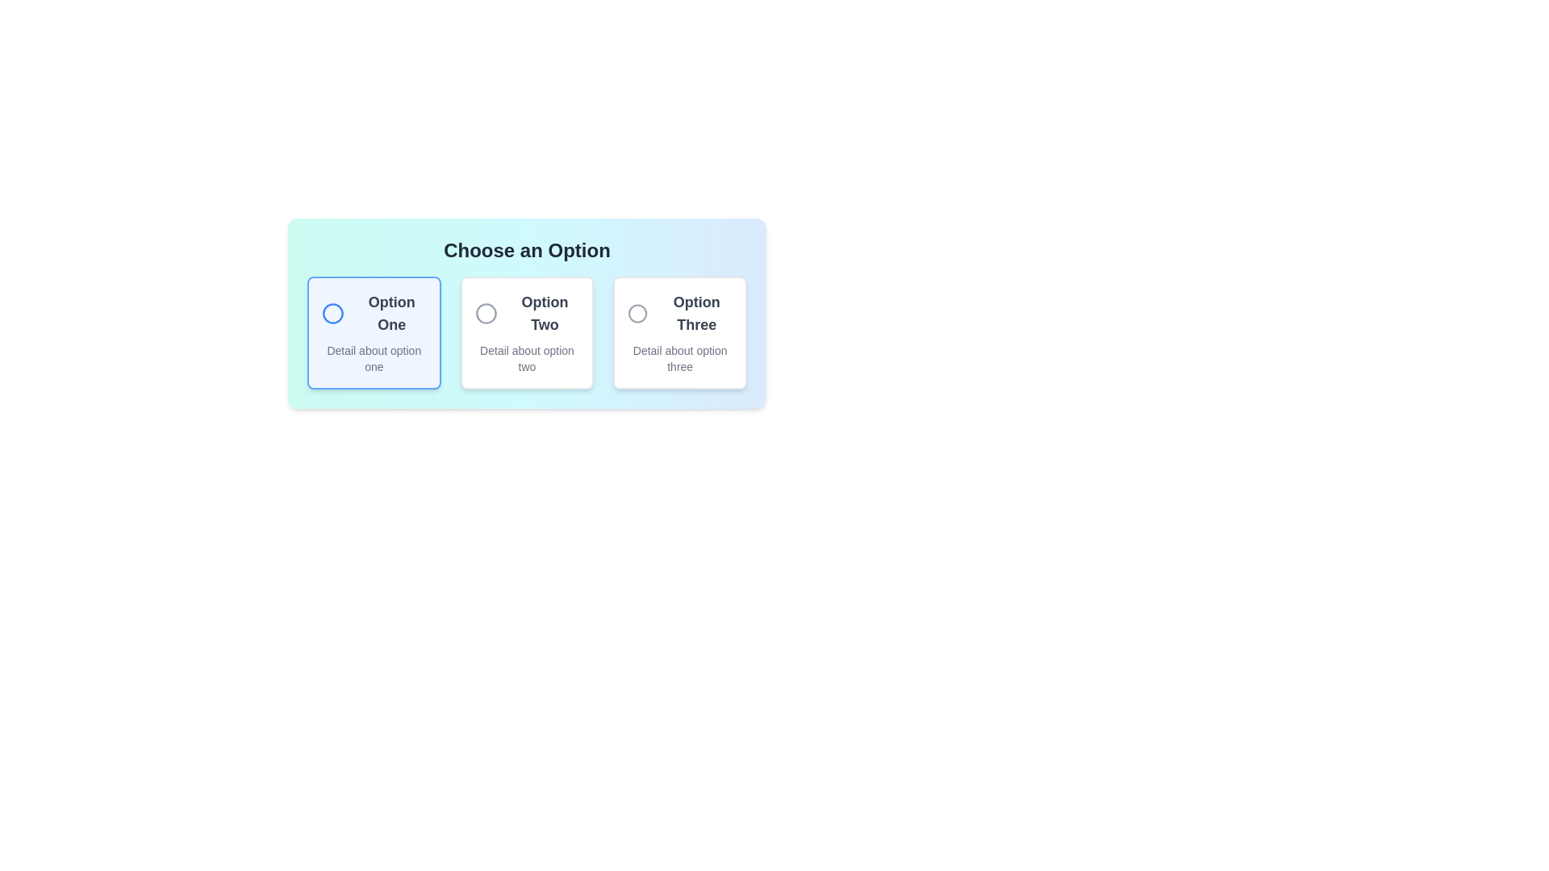 This screenshot has width=1549, height=871. What do you see at coordinates (527, 251) in the screenshot?
I see `the Header or Title that provides context for the following options, located at the top-center of the layout` at bounding box center [527, 251].